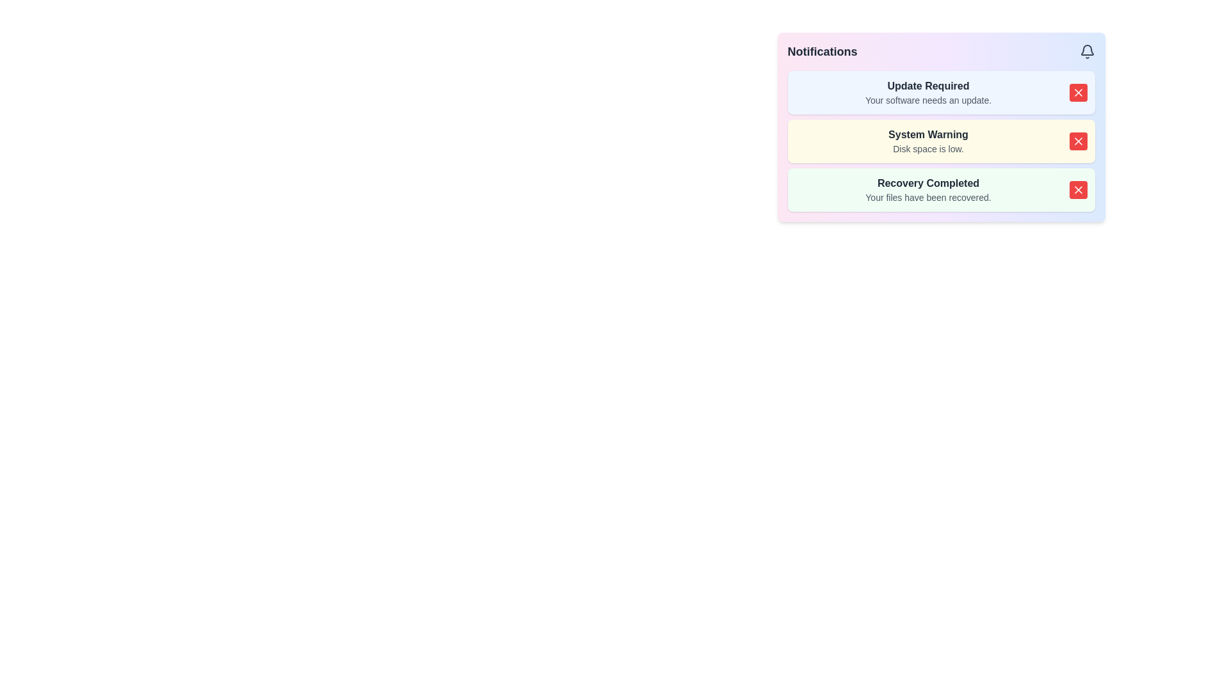 This screenshot has width=1229, height=691. What do you see at coordinates (928, 86) in the screenshot?
I see `the 'Update Required' text label, which is prominently displayed in bold dark gray font at the top-left section of the notification list` at bounding box center [928, 86].